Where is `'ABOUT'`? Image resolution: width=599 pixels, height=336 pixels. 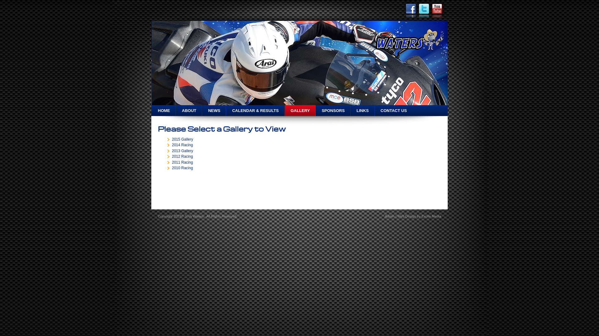 'ABOUT' is located at coordinates (188, 110).